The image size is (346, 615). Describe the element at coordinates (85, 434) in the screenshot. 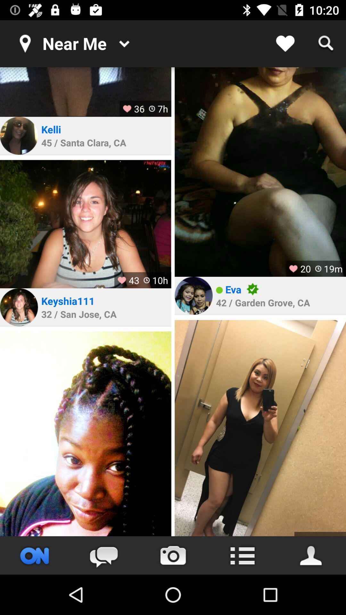

I see `profile` at that location.